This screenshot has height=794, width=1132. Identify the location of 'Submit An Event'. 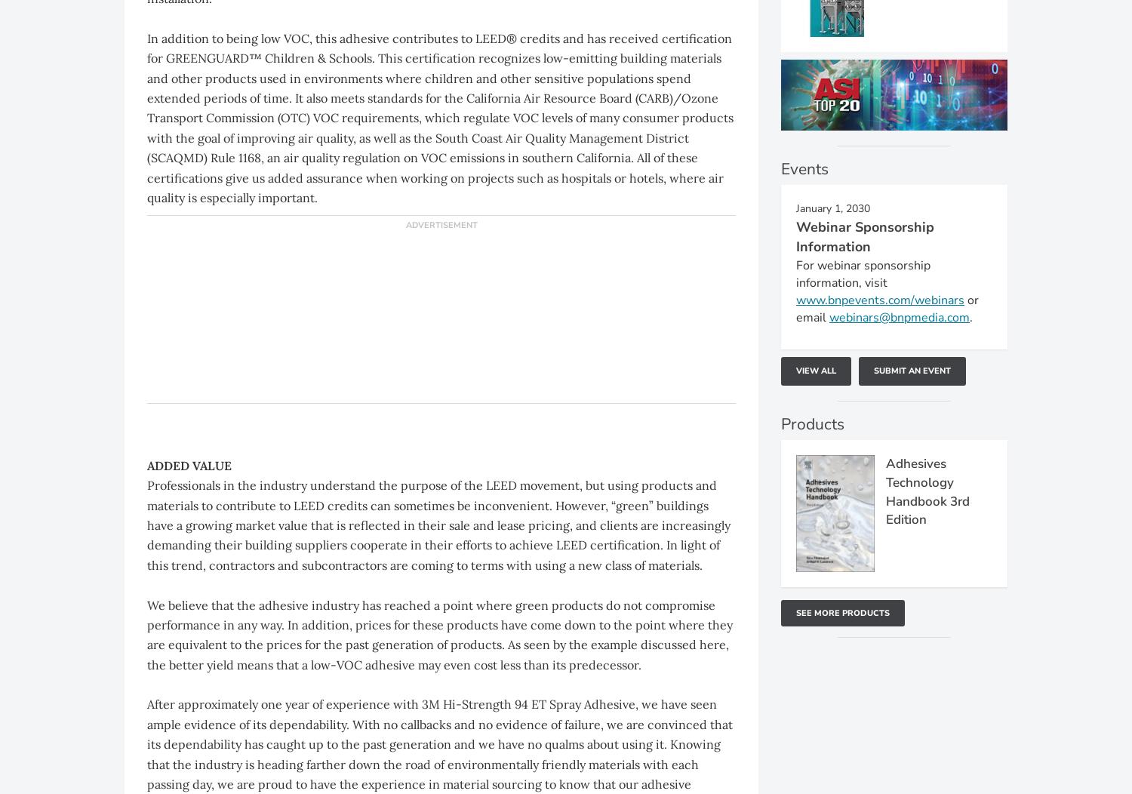
(912, 370).